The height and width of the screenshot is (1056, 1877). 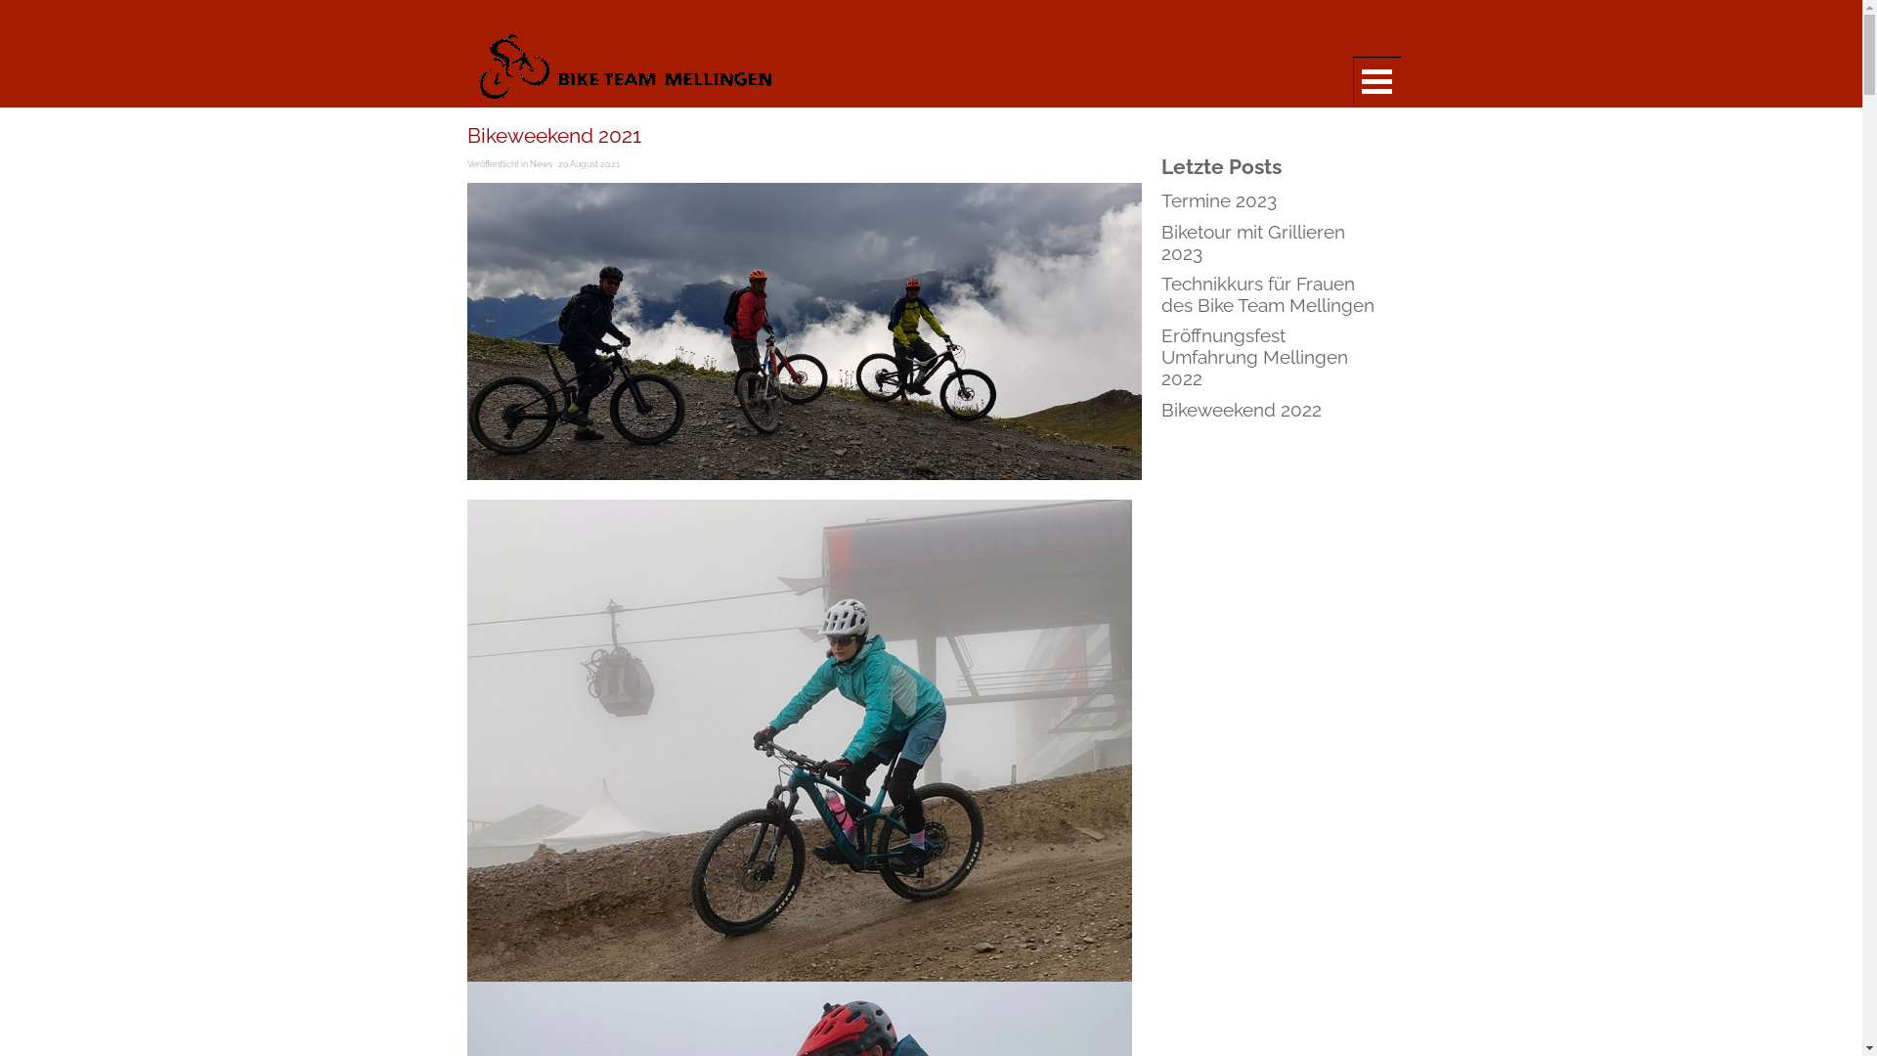 I want to click on 'Termine 2023', so click(x=1218, y=199).